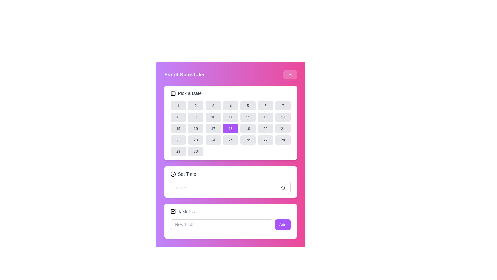 The image size is (497, 280). I want to click on the rectangular button with rounded corners displaying the number '19', so click(248, 128).